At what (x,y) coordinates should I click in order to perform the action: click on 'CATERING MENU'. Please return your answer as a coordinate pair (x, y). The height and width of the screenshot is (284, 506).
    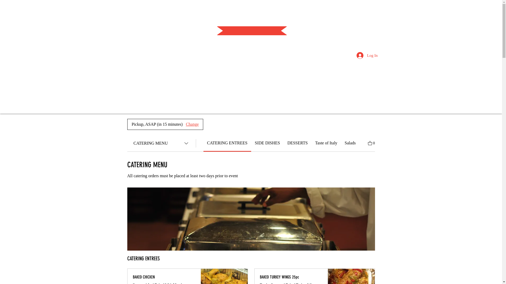
    Looking at the image, I should click on (132, 143).